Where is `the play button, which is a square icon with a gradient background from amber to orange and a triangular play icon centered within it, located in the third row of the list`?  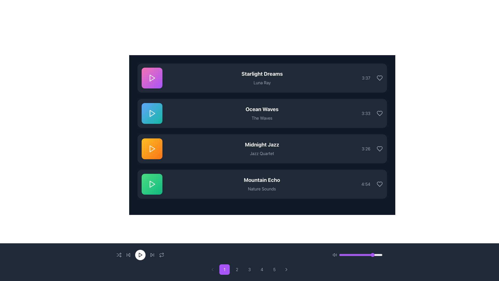
the play button, which is a square icon with a gradient background from amber to orange and a triangular play icon centered within it, located in the third row of the list is located at coordinates (152, 149).